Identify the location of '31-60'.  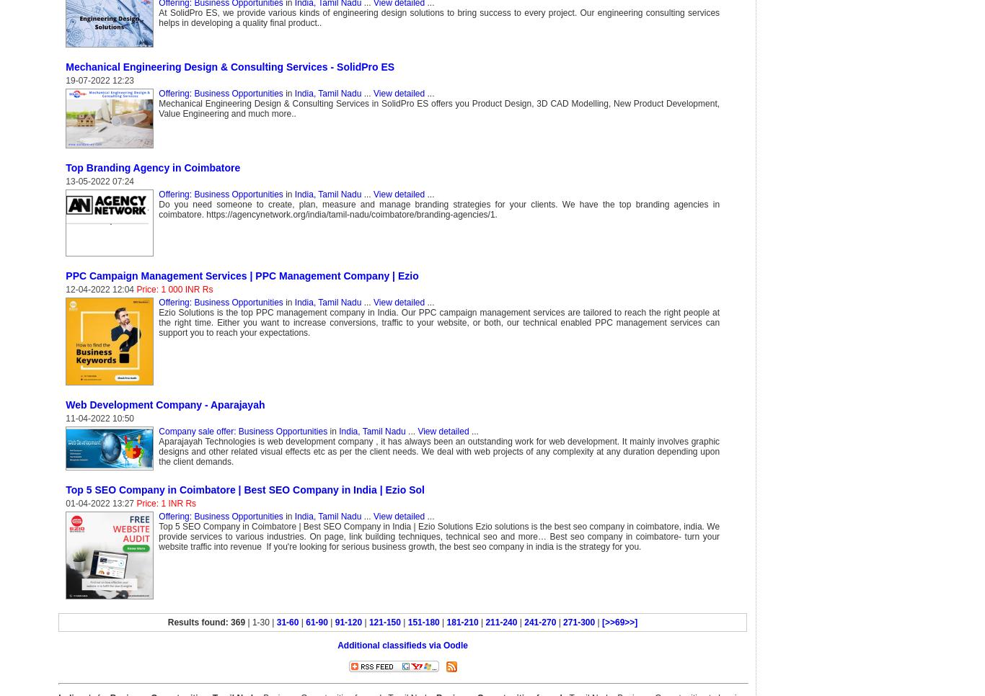
(286, 621).